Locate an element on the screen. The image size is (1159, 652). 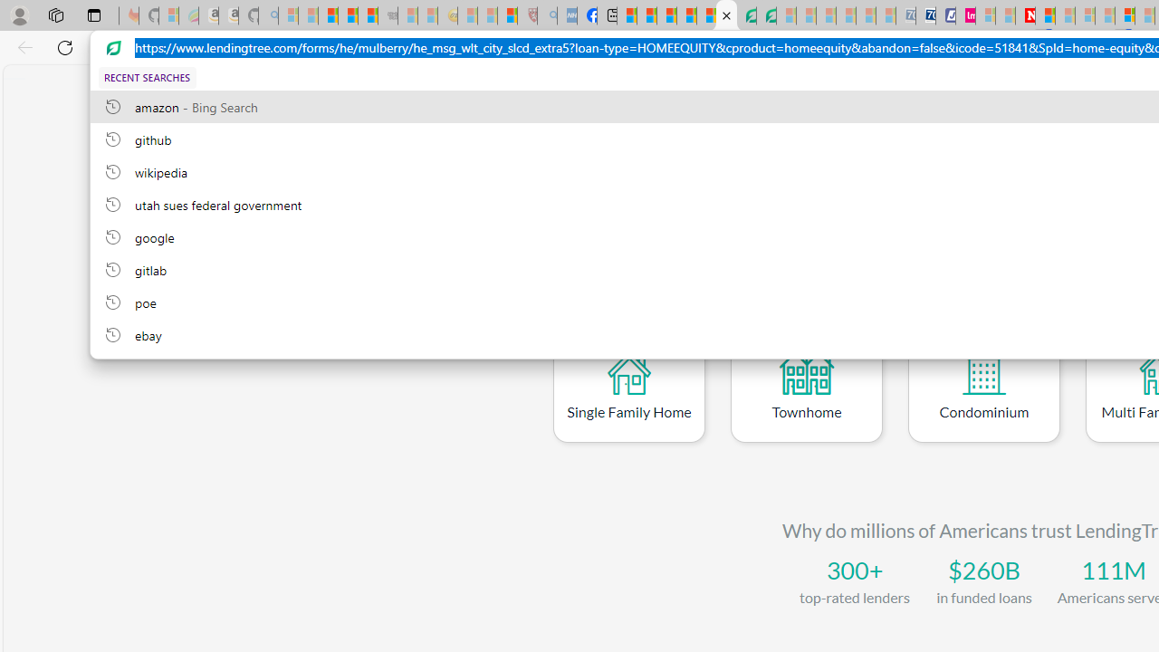
'New Report Confirms 2023 Was Record Hot | Watch' is located at coordinates (367, 15).